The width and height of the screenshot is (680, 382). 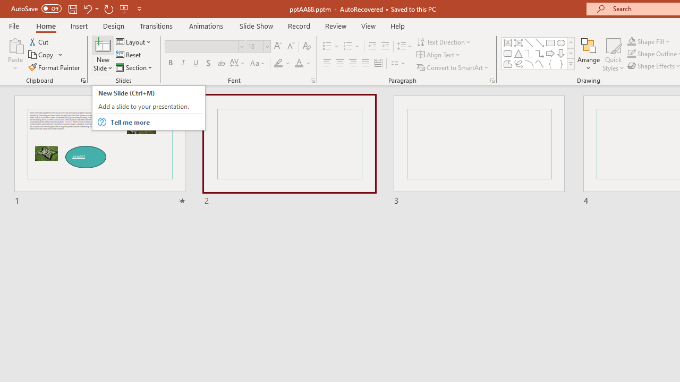 I want to click on 'Rectangle', so click(x=550, y=42).